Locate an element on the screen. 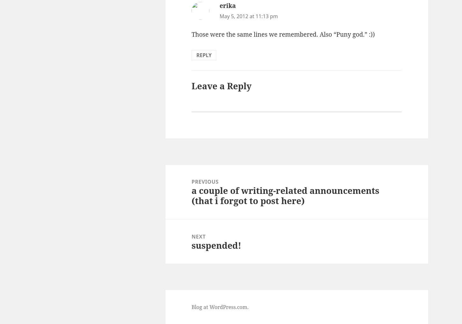 This screenshot has width=462, height=324. 'Next' is located at coordinates (198, 236).